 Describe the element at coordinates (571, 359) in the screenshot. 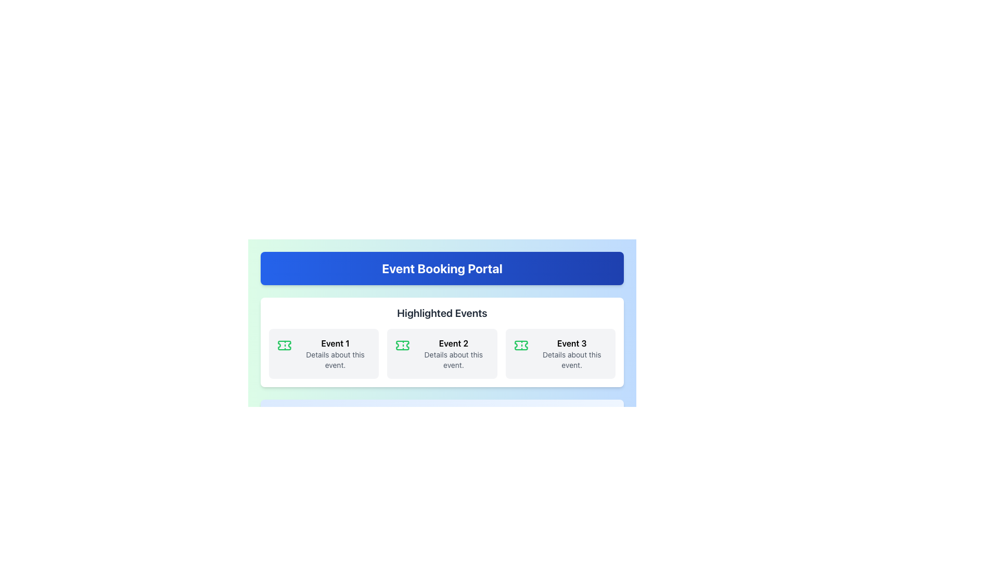

I see `the text label reading 'Details about this event.' which is styled in a small gray font and located directly below the bold title 'Event 3' in the rightmost event card` at that location.